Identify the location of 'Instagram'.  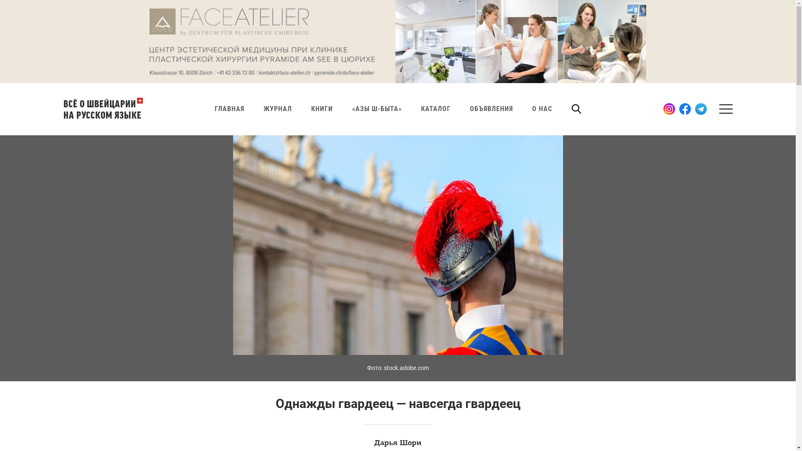
(663, 109).